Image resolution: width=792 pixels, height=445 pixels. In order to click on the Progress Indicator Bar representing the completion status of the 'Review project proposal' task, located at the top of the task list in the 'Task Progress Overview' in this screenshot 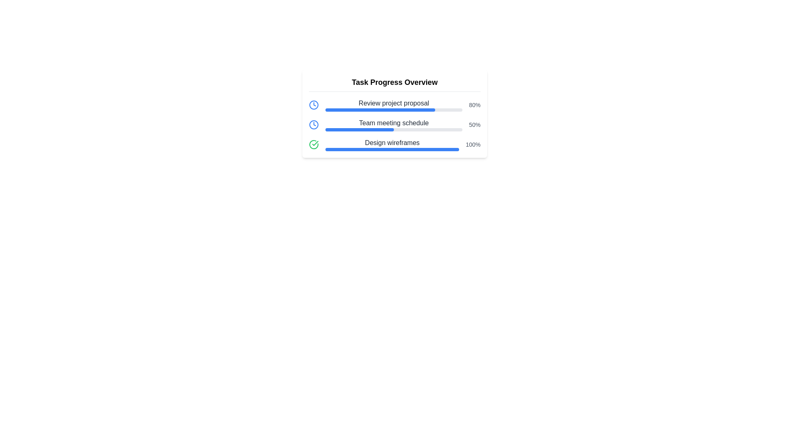, I will do `click(394, 109)`.